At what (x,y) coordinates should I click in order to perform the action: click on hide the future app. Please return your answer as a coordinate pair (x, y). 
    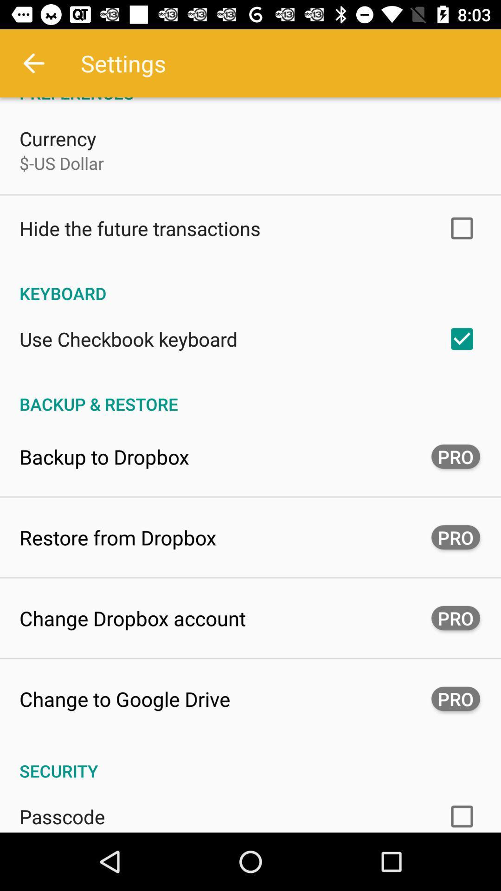
    Looking at the image, I should click on (140, 228).